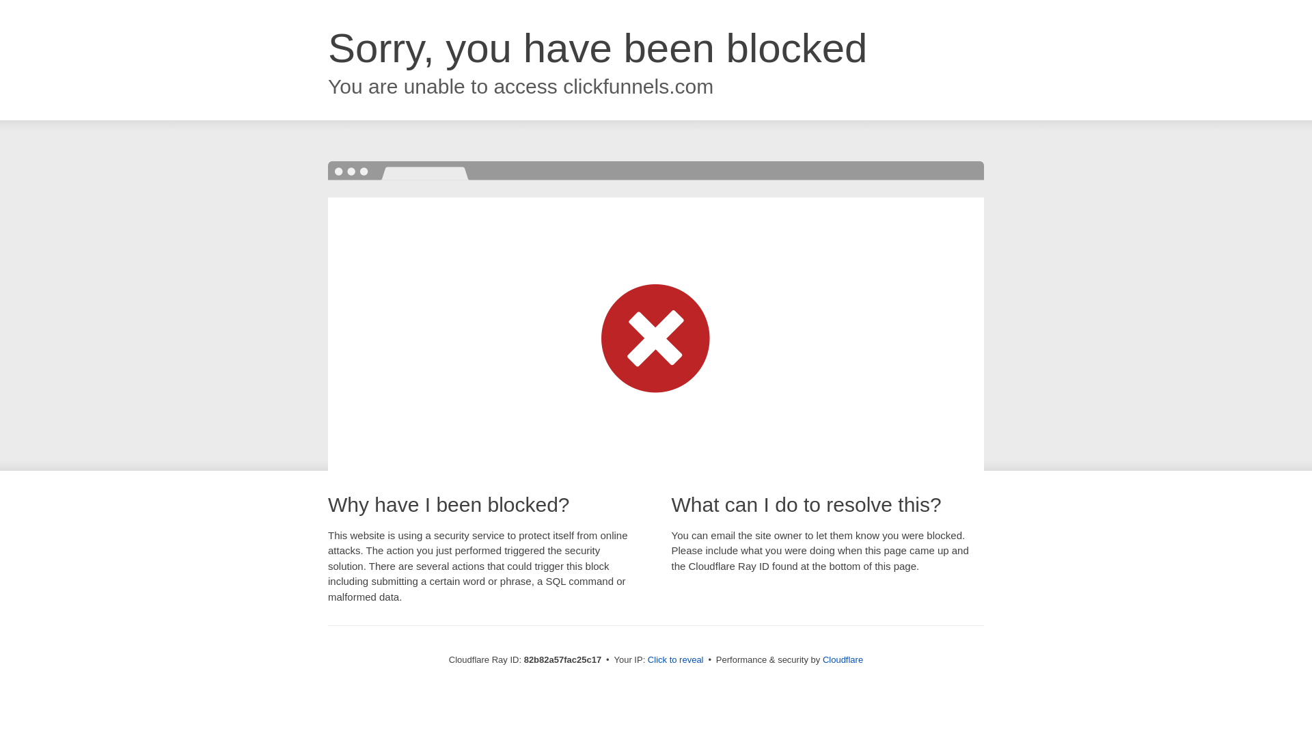 The image size is (1312, 738). I want to click on 'Cloudflare', so click(842, 659).